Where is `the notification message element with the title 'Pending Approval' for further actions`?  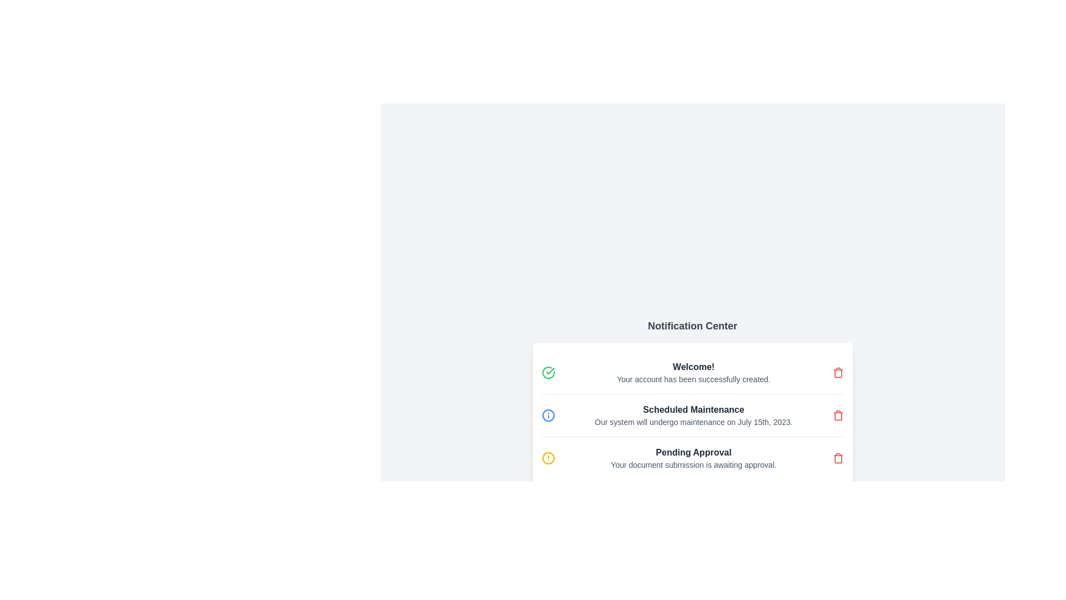 the notification message element with the title 'Pending Approval' for further actions is located at coordinates (693, 458).